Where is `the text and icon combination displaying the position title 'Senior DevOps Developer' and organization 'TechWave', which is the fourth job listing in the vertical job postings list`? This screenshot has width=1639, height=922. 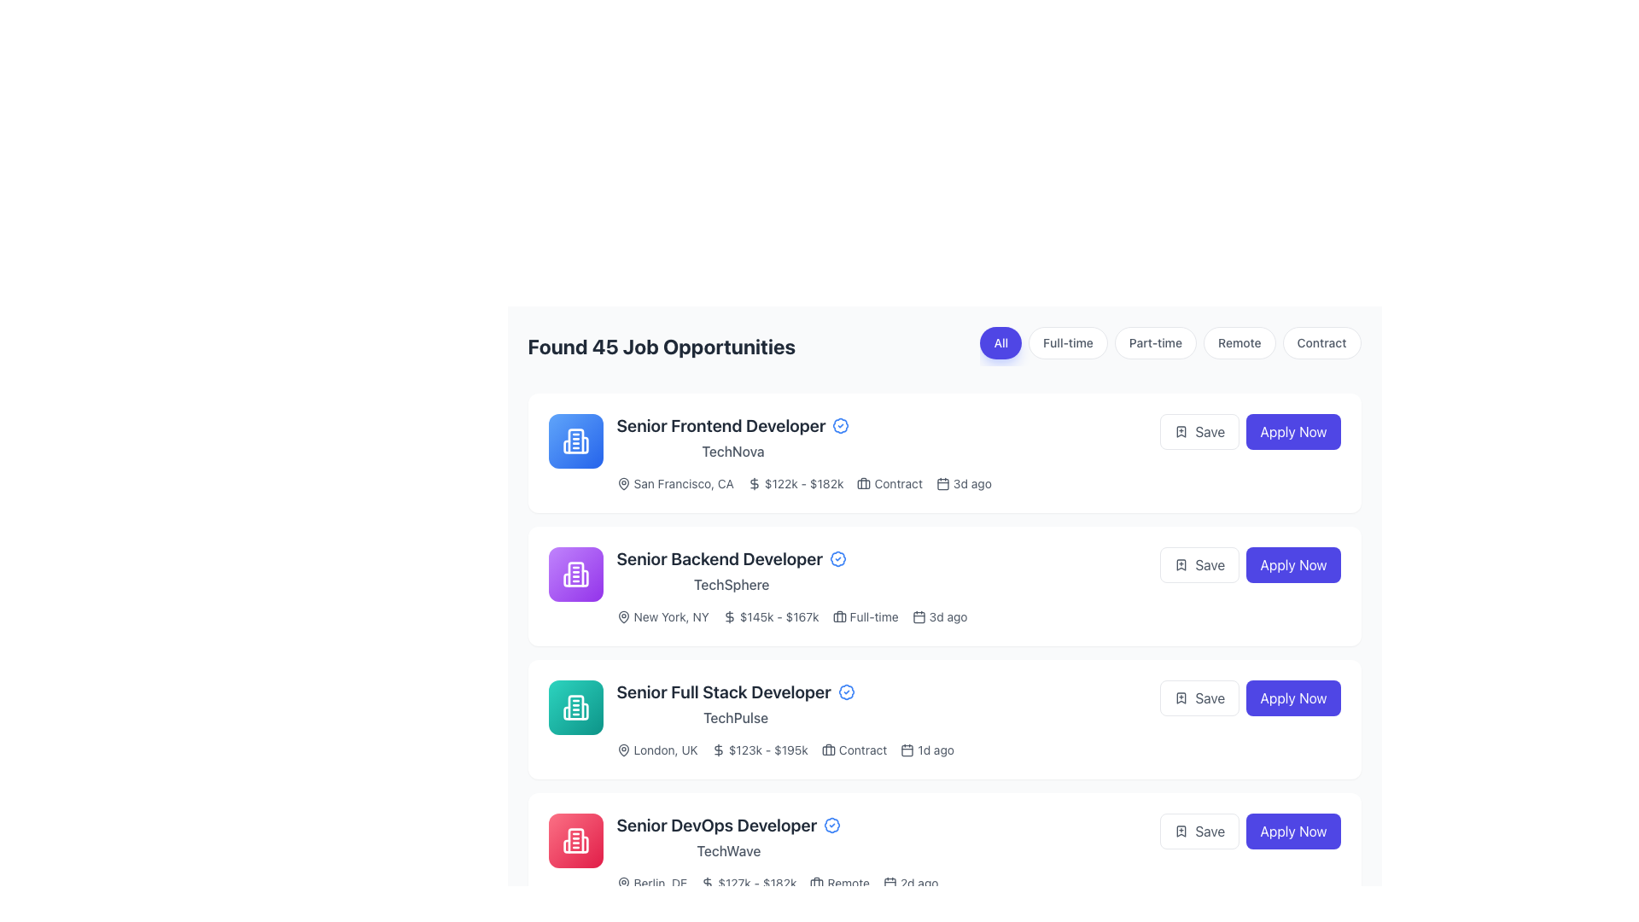
the text and icon combination displaying the position title 'Senior DevOps Developer' and organization 'TechWave', which is the fourth job listing in the vertical job postings list is located at coordinates (728, 836).